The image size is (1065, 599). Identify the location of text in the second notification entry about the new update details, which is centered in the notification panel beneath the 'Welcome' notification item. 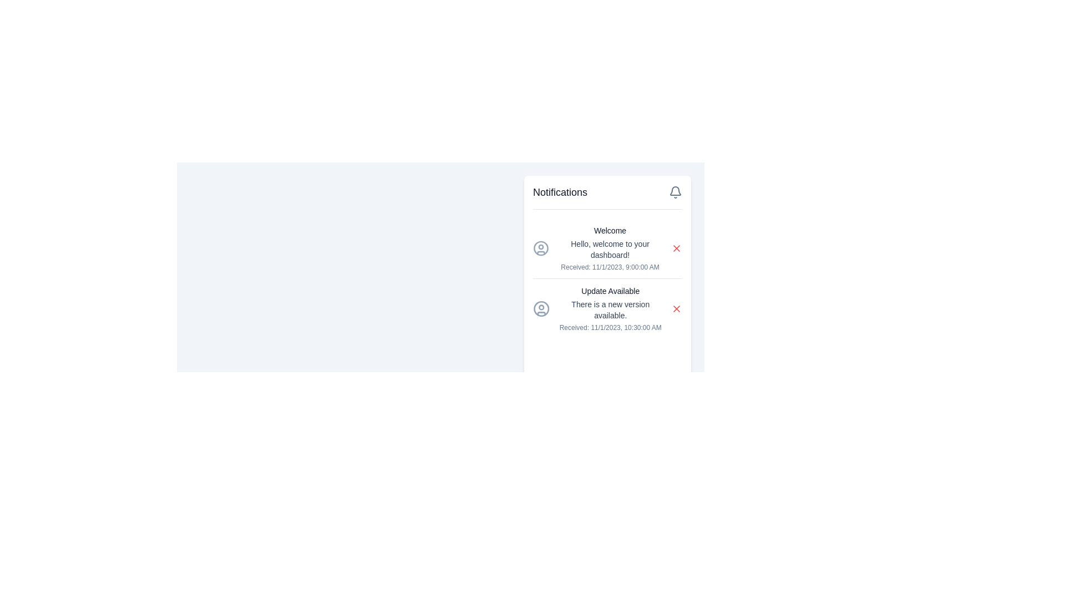
(610, 308).